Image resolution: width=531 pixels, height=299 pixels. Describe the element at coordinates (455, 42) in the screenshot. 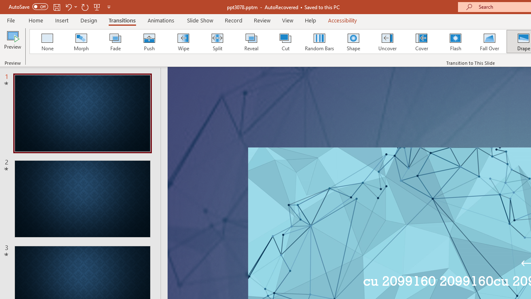

I see `'Flash'` at that location.